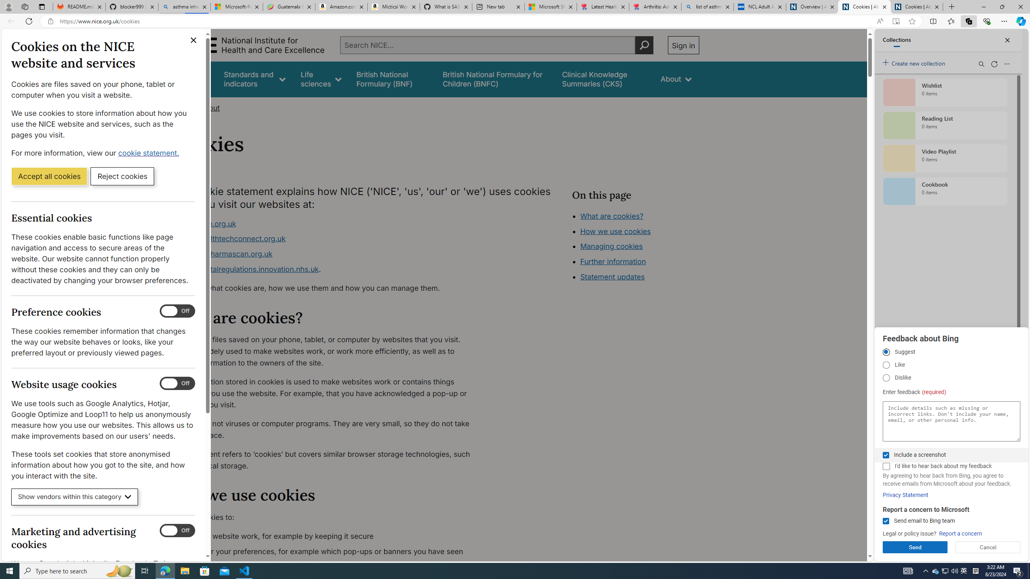 This screenshot has height=579, width=1030. Describe the element at coordinates (961, 533) in the screenshot. I see `'Report a concern'` at that location.